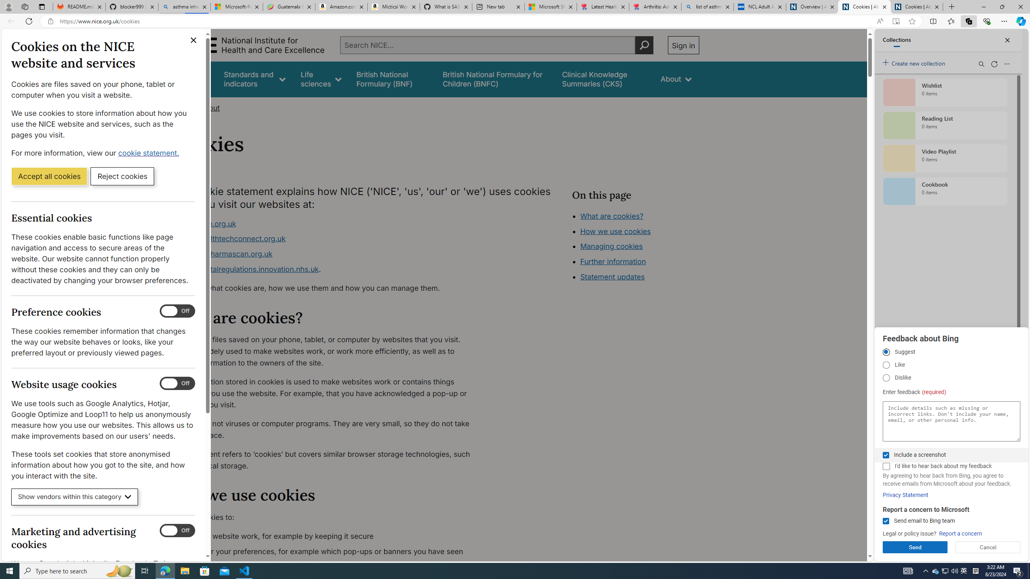 This screenshot has height=579, width=1030. Describe the element at coordinates (961, 533) in the screenshot. I see `'Report a concern'` at that location.